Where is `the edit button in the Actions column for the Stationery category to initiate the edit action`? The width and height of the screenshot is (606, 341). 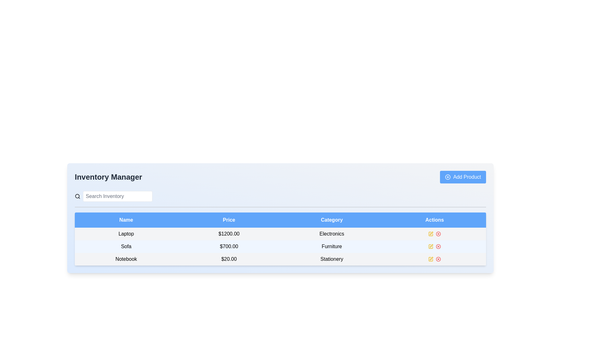 the edit button in the Actions column for the Stationery category to initiate the edit action is located at coordinates (430, 259).